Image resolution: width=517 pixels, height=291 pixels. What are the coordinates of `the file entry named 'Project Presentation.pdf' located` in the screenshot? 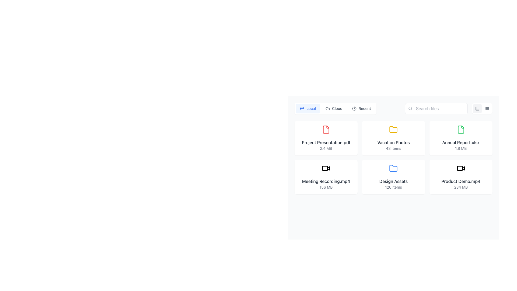 It's located at (326, 138).